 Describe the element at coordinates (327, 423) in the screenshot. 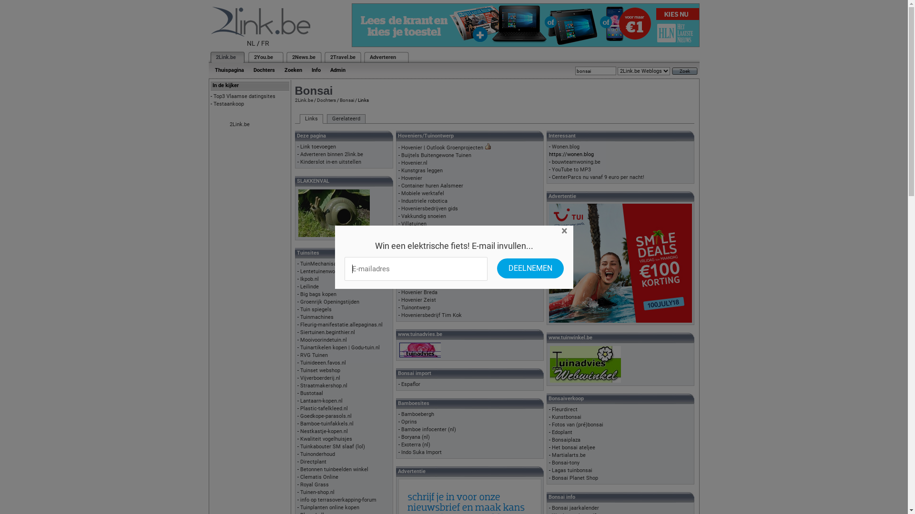

I see `'Bamboe-tuinfakkels.nl'` at that location.